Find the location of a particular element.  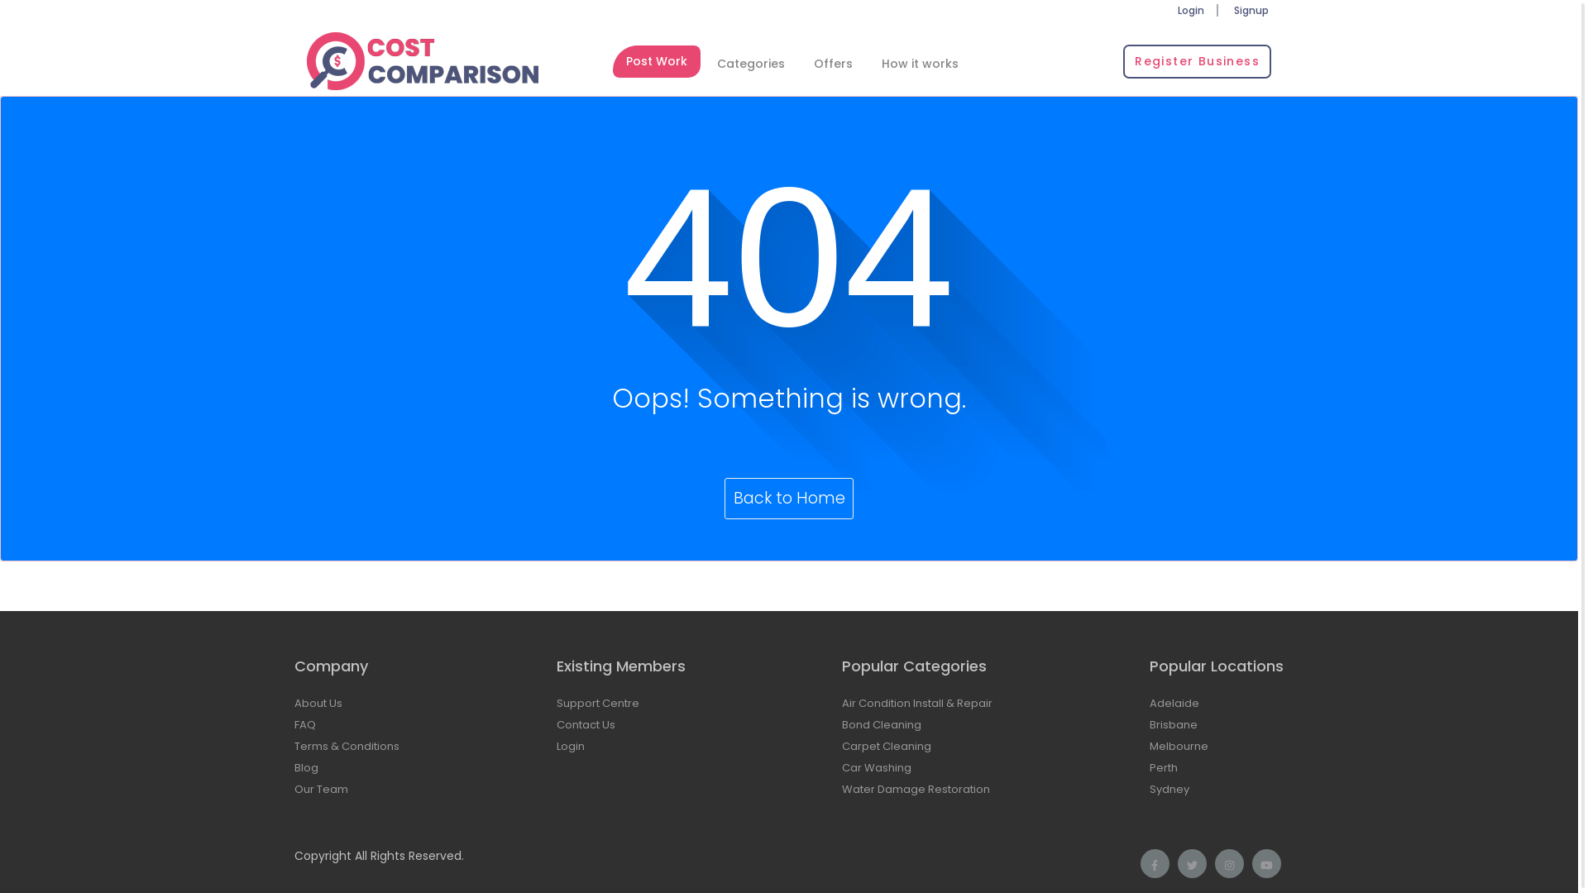

'Blog' is located at coordinates (294, 767).